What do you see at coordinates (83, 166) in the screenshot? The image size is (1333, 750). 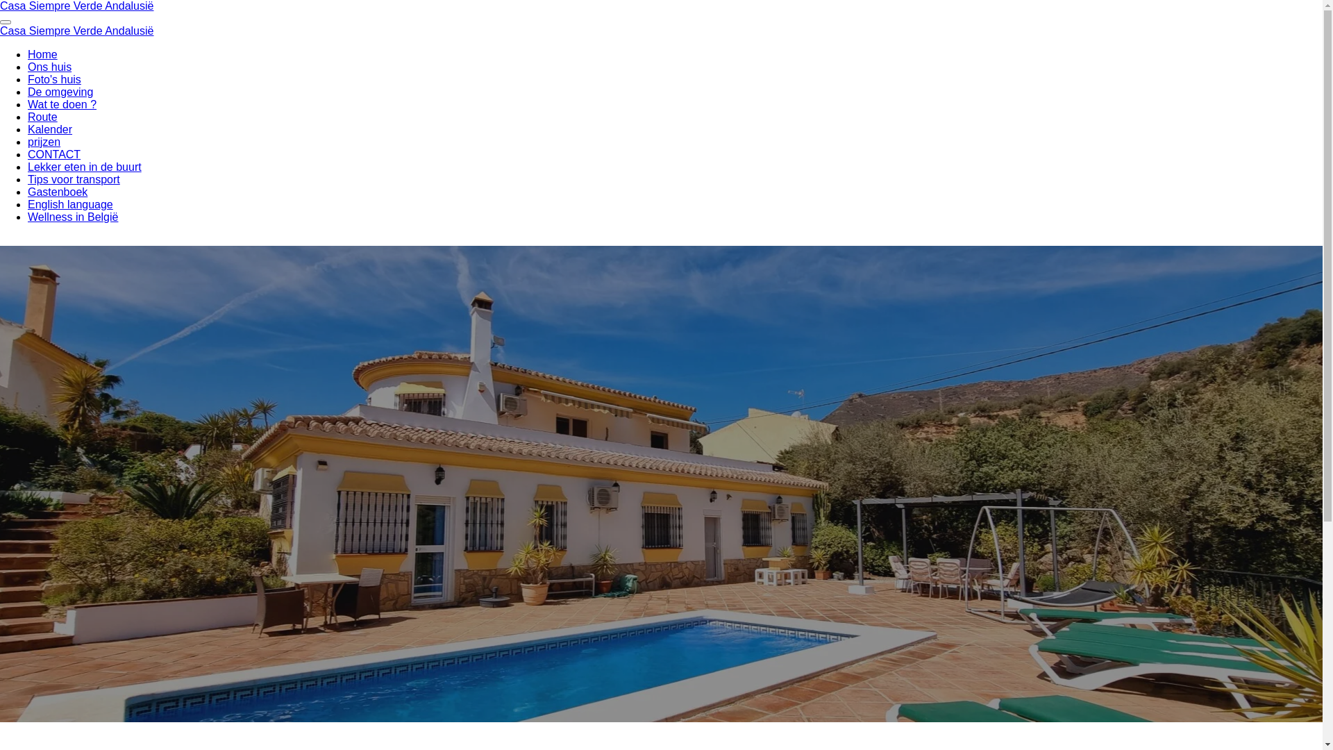 I see `'Lekker eten in de buurt'` at bounding box center [83, 166].